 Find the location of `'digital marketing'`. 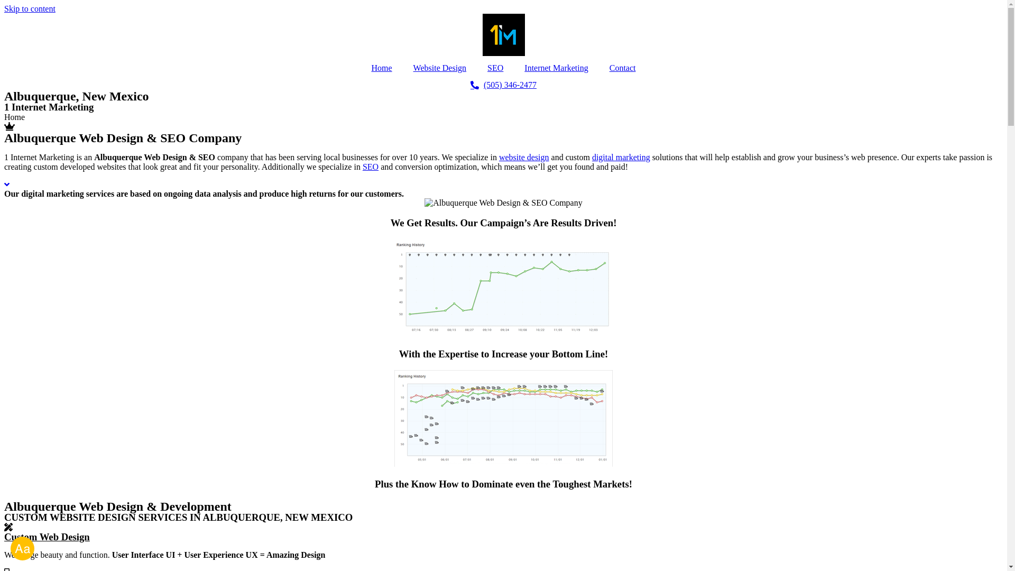

'digital marketing' is located at coordinates (621, 157).